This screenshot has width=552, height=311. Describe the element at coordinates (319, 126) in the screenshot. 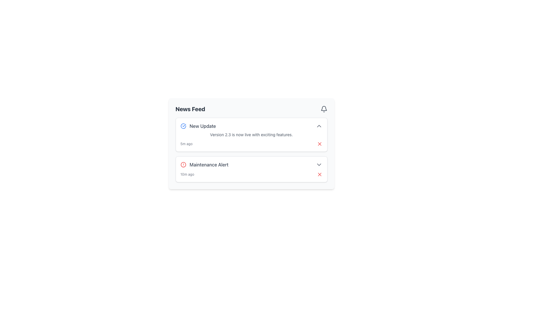

I see `the gray upward-facing chevron icon located in the top right corner of the 'New Update' card` at that location.